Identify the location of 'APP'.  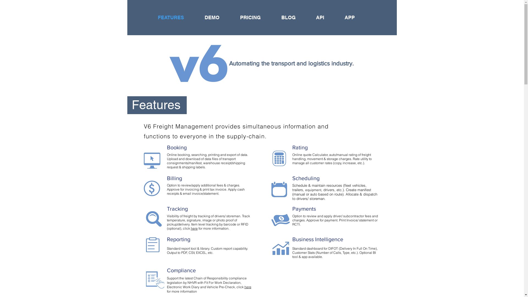
(356, 17).